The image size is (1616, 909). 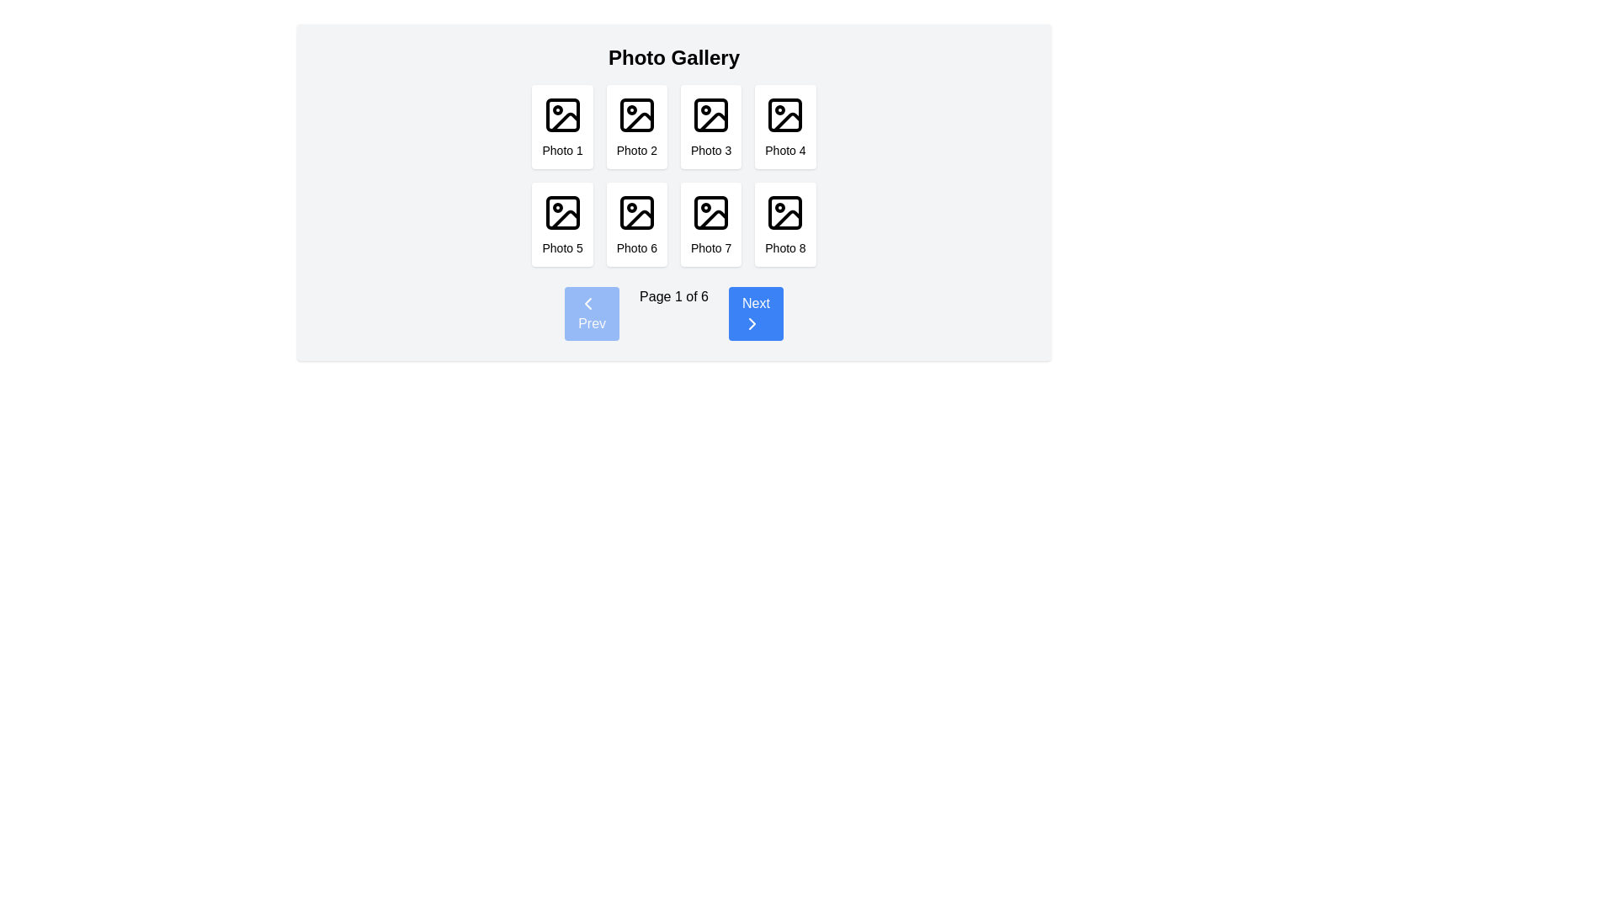 I want to click on the first Card element in the 'Photo Gallery' grid layout, which contains an icon and a label, as part of multiple selections, so click(x=561, y=125).